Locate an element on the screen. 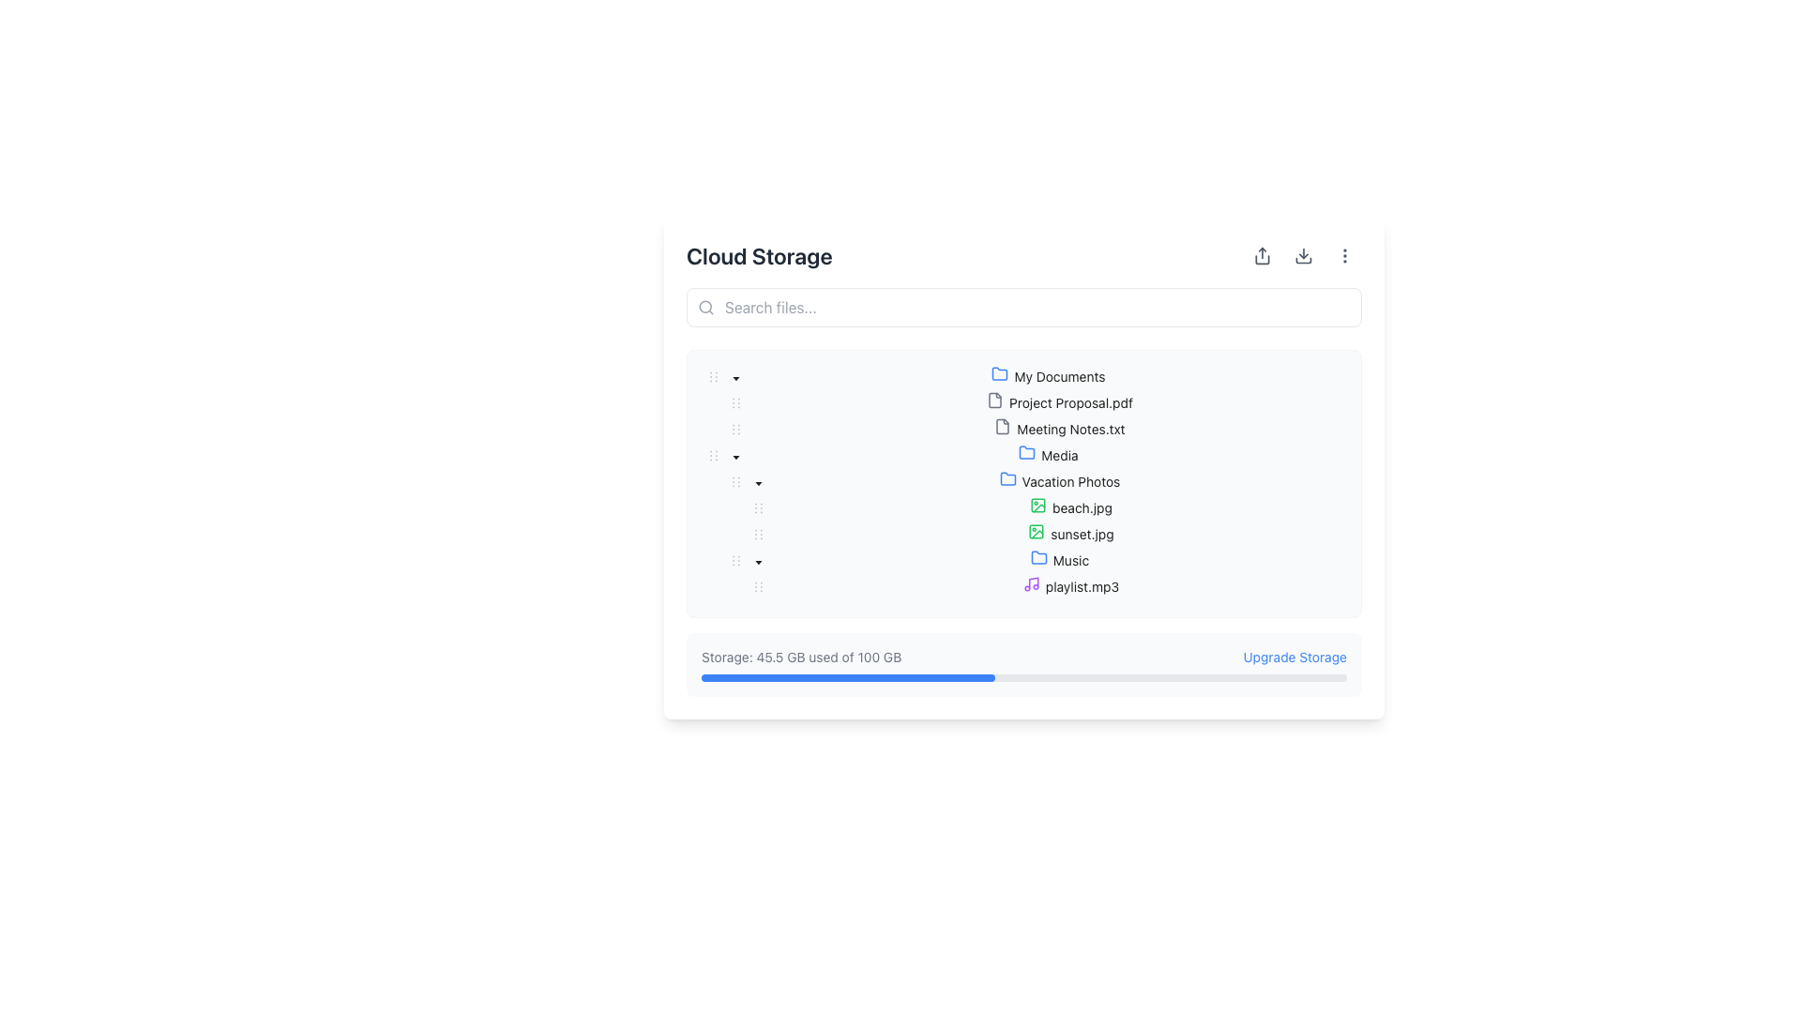 The height and width of the screenshot is (1013, 1801). and drag the draggable handle located to the left of 'Project Proposal.pdf' to reposition the associated item within the file list view is located at coordinates (735, 401).